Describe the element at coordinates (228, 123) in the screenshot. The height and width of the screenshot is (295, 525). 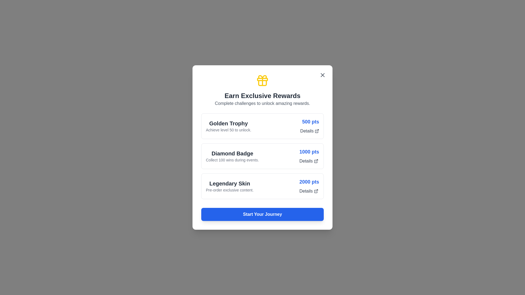
I see `the 'Golden Trophy' text label, which serves as the title for a reward item, positioned at the center of the page within a card modal` at that location.